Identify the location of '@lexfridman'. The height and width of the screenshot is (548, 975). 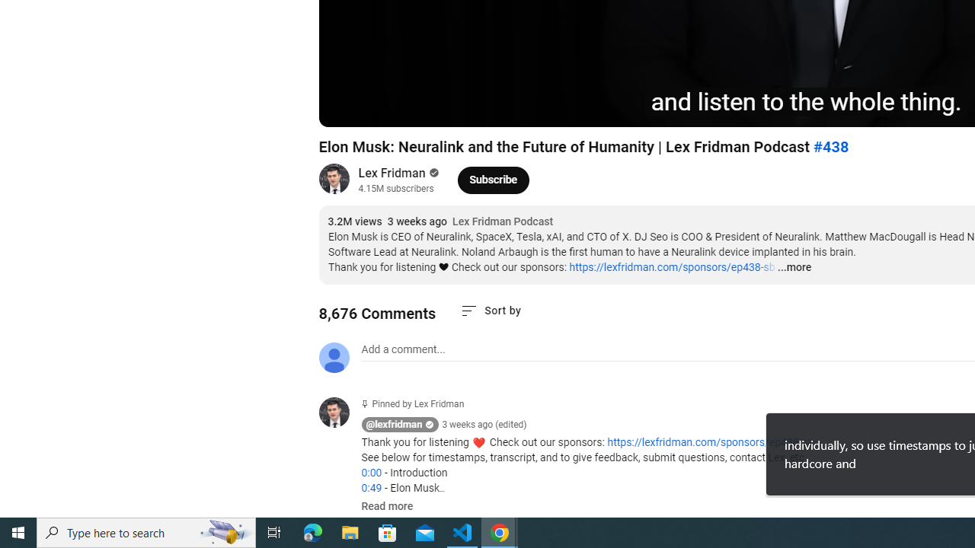
(394, 425).